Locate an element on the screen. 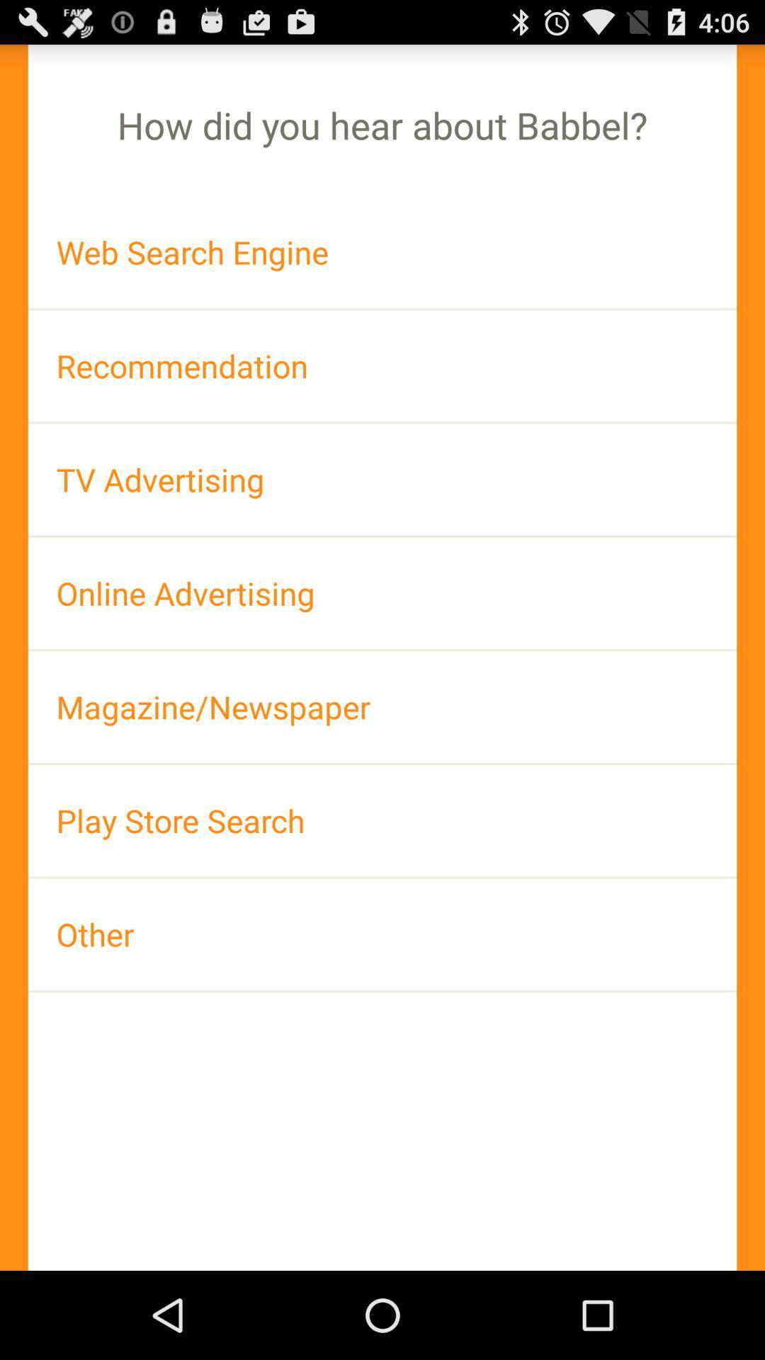  item below how did you is located at coordinates (382, 252).